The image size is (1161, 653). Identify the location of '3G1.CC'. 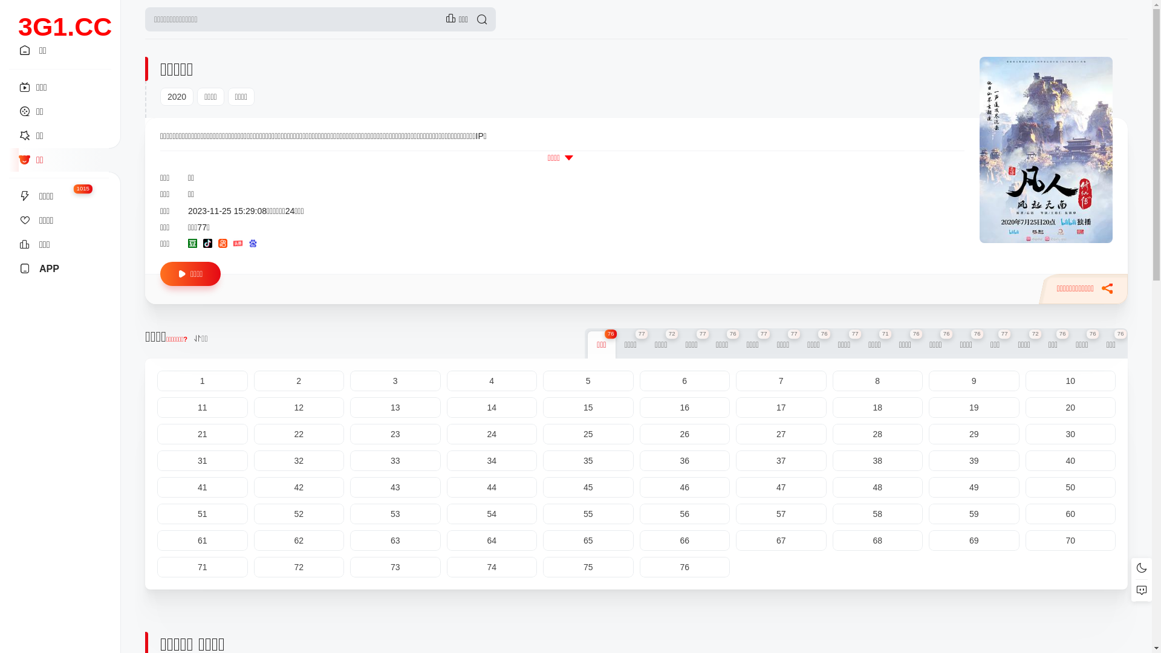
(64, 13).